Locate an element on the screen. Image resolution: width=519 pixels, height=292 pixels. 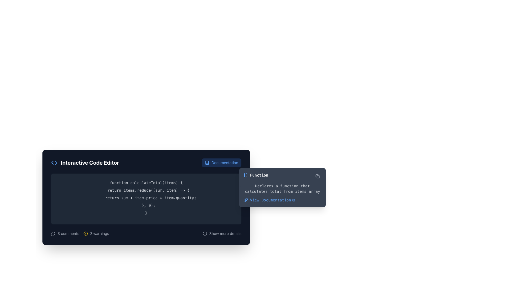
the notification icon and text combination that indicates there are two warnings, located to the right of the '3 comments' label at the bottom-central part of the interface is located at coordinates (96, 233).